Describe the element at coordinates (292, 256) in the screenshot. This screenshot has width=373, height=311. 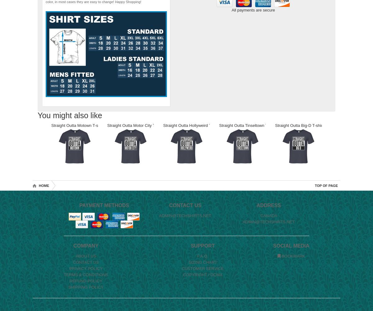
I see `'Bookmark'` at that location.